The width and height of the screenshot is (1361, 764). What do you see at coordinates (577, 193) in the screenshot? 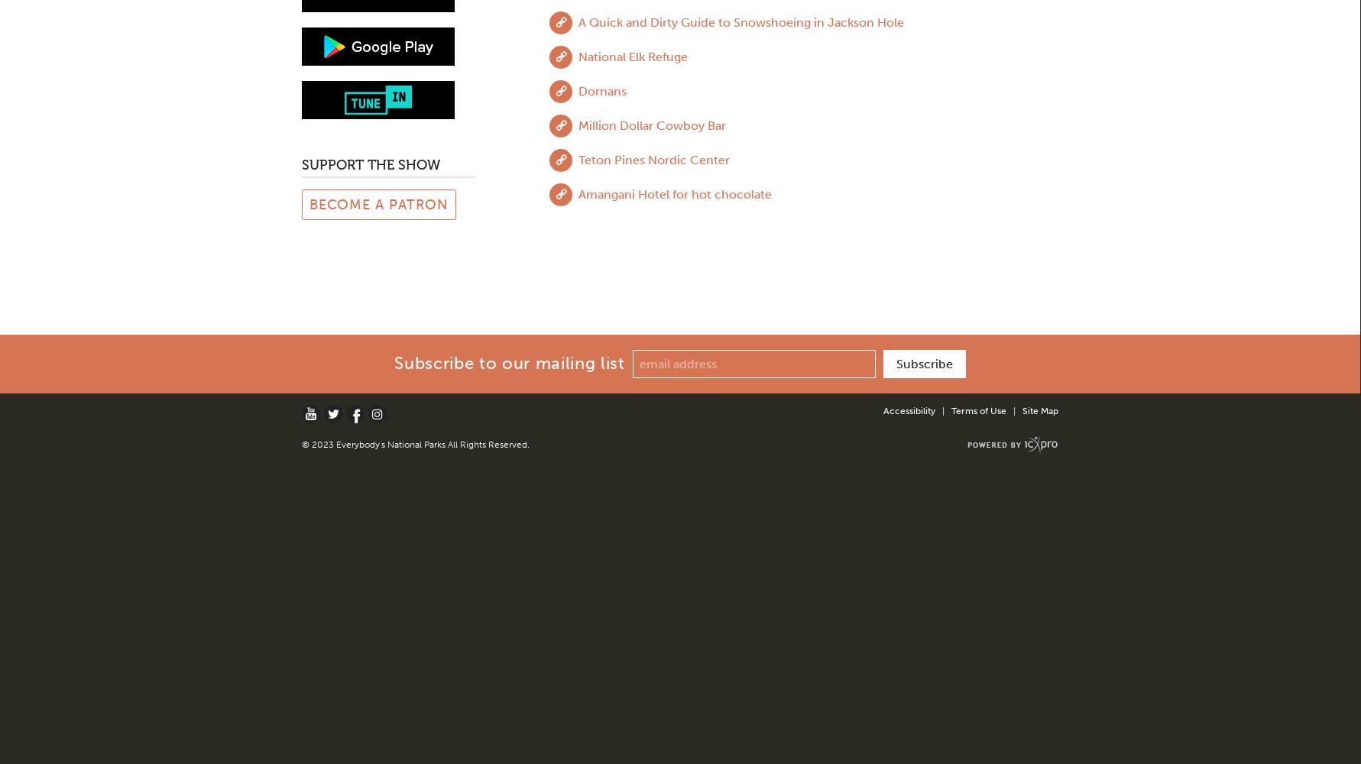
I see `'Amangani Hotel for hot chocolate'` at bounding box center [577, 193].